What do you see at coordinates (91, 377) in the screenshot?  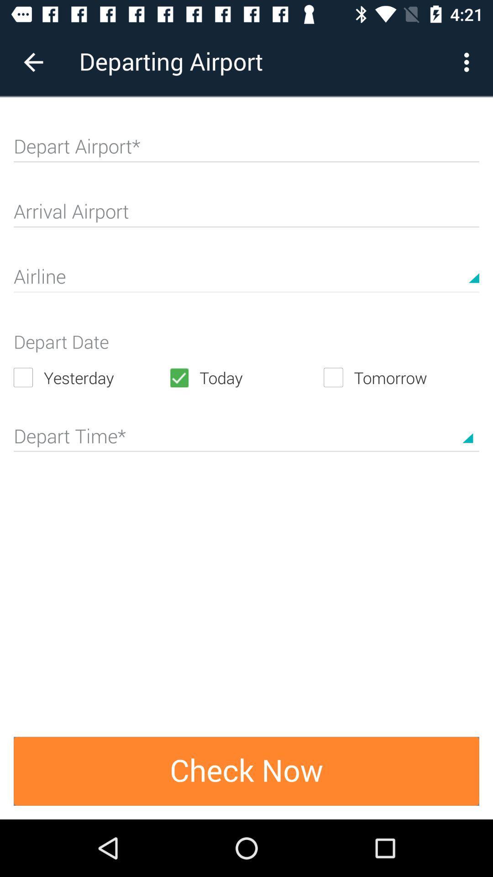 I see `the yesterday icon` at bounding box center [91, 377].